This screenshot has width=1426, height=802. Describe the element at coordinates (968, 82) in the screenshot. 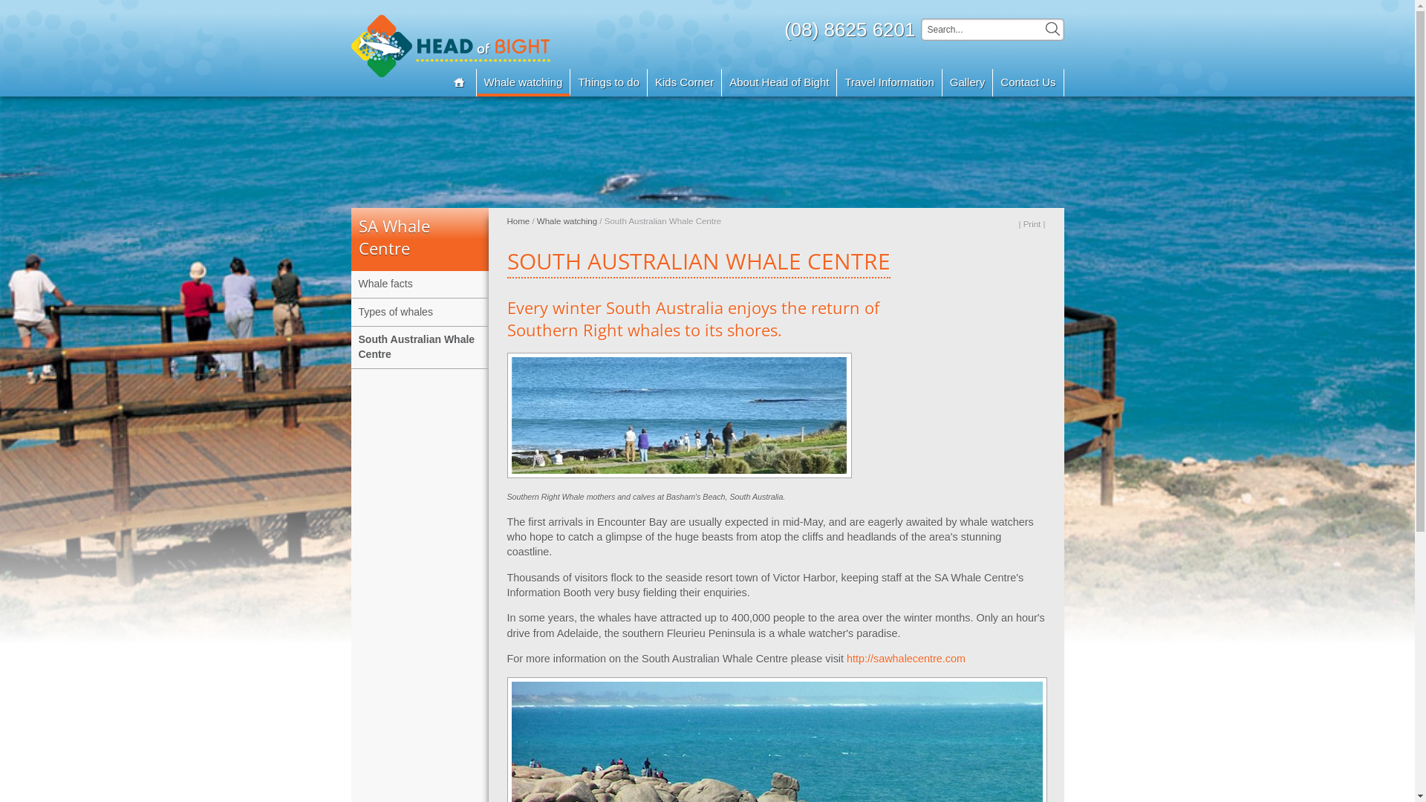

I see `'Gallery'` at that location.